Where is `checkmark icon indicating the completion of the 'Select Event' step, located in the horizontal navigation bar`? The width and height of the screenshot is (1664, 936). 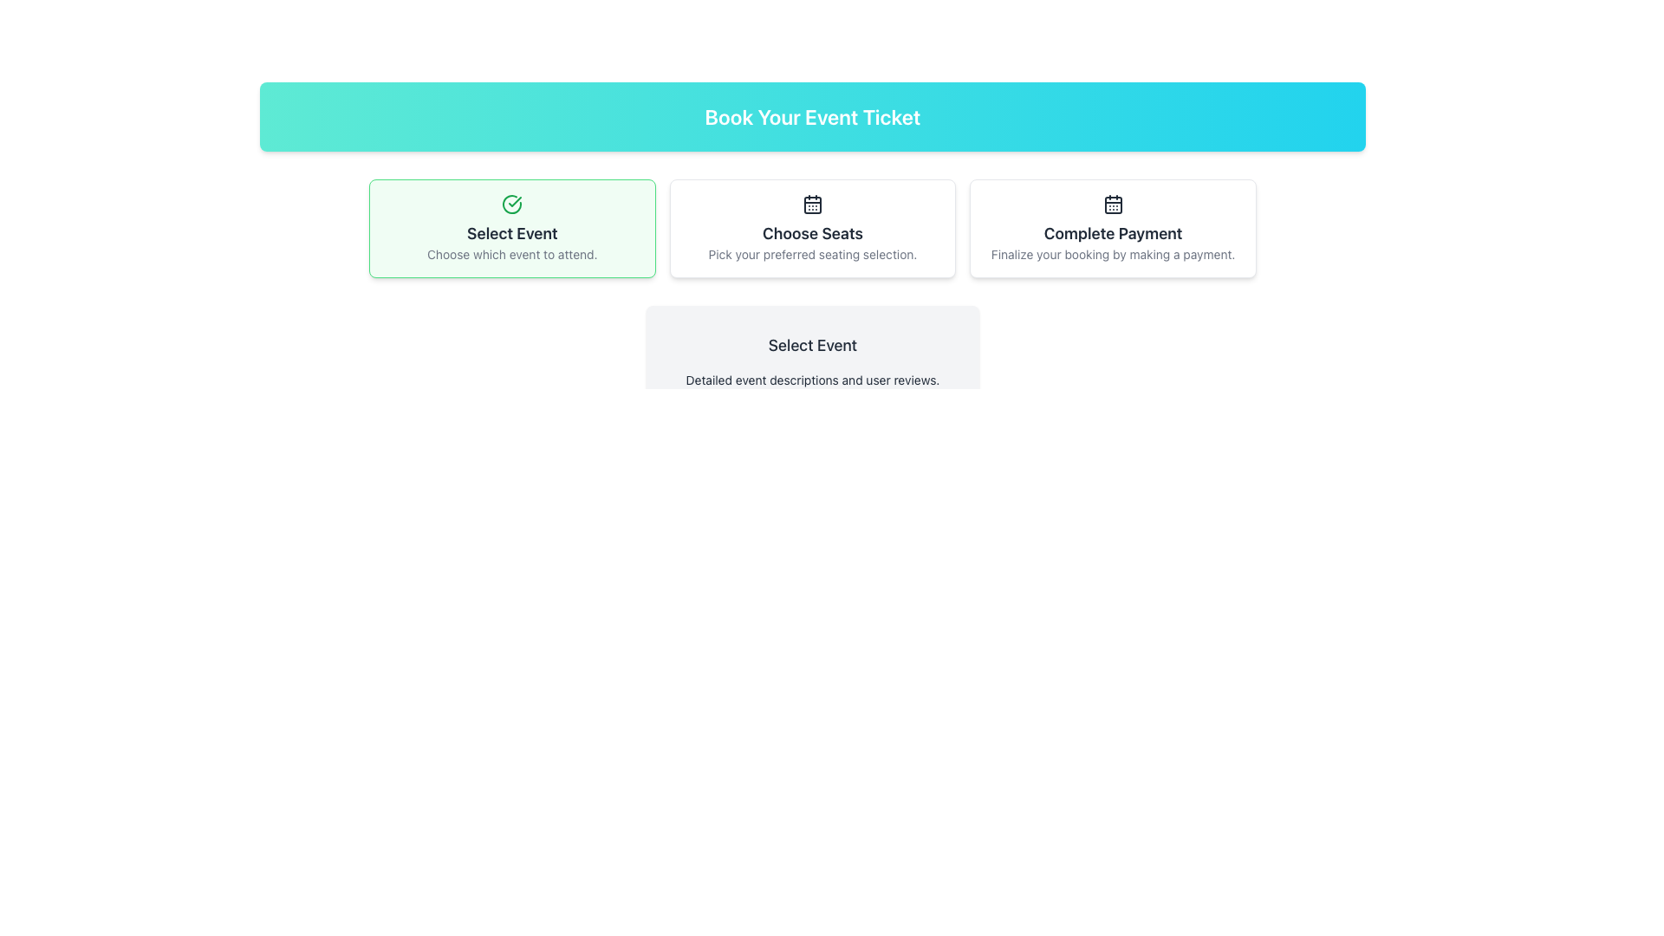 checkmark icon indicating the completion of the 'Select Event' step, located in the horizontal navigation bar is located at coordinates (514, 200).